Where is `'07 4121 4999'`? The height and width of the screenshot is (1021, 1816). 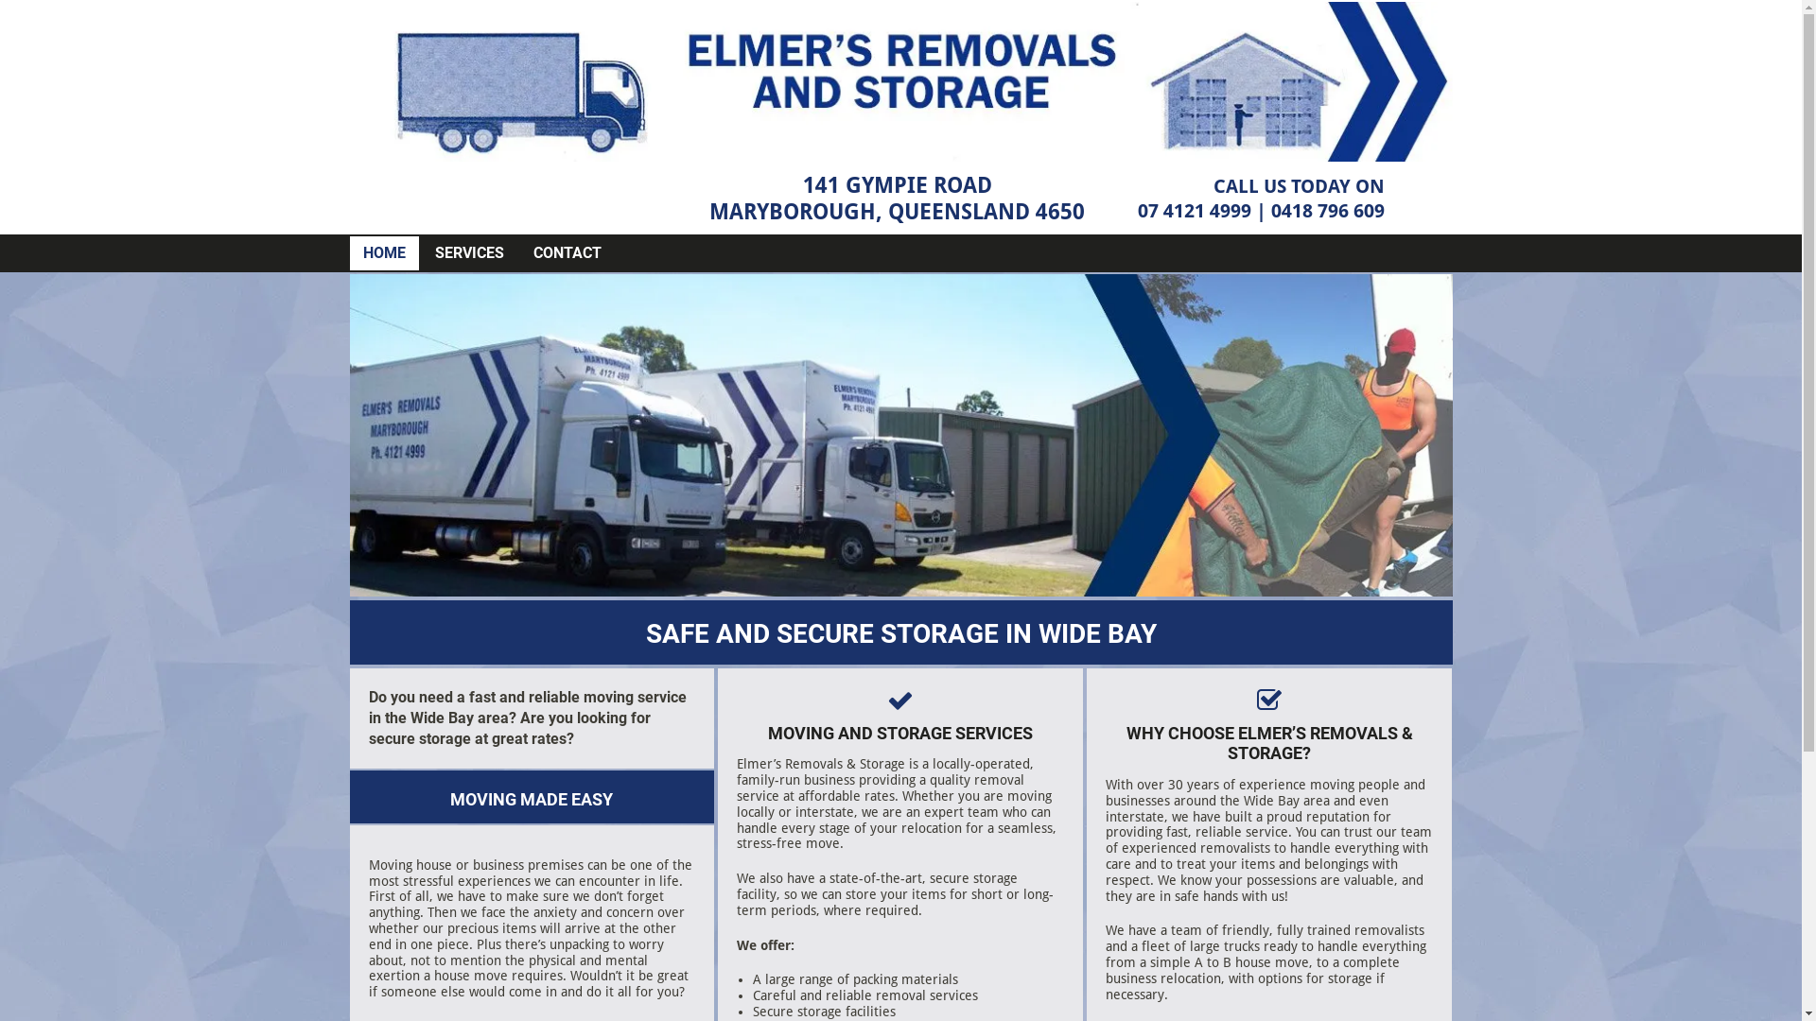 '07 4121 4999' is located at coordinates (1193, 211).